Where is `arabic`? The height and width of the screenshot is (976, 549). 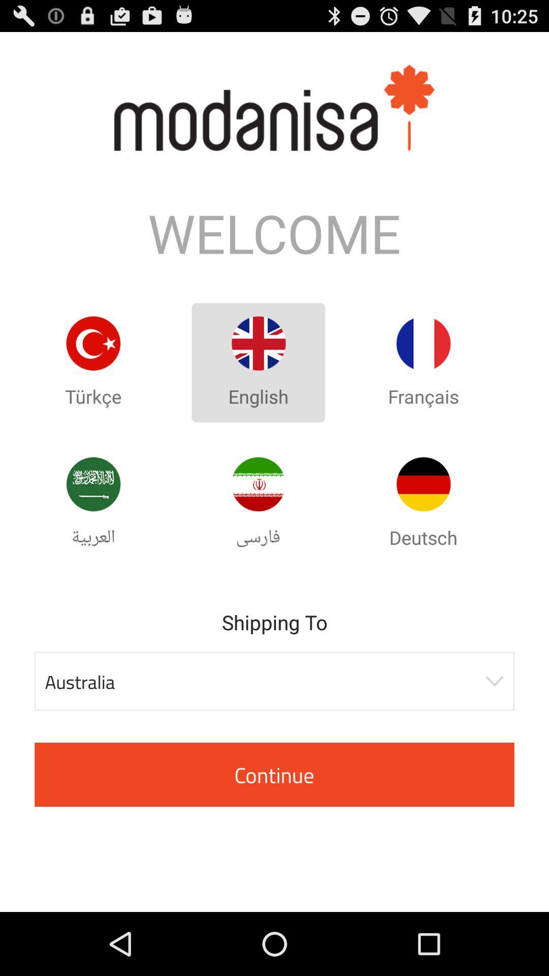
arabic is located at coordinates (258, 483).